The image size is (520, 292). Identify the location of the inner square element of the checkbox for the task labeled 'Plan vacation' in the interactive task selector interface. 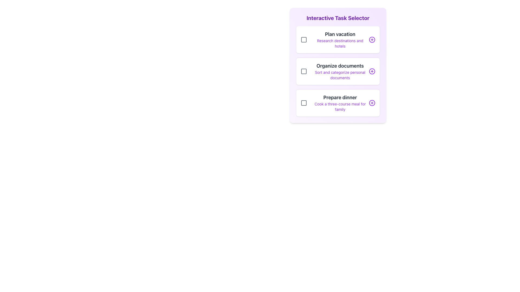
(304, 39).